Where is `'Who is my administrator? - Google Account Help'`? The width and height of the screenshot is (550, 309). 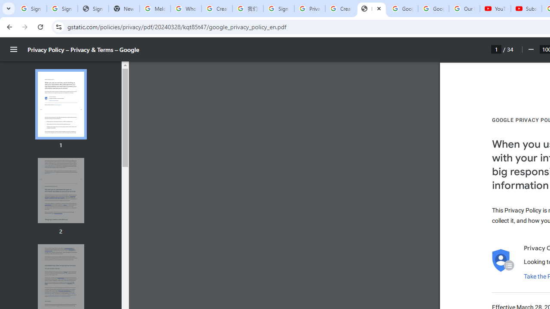
'Who is my administrator? - Google Account Help' is located at coordinates (185, 9).